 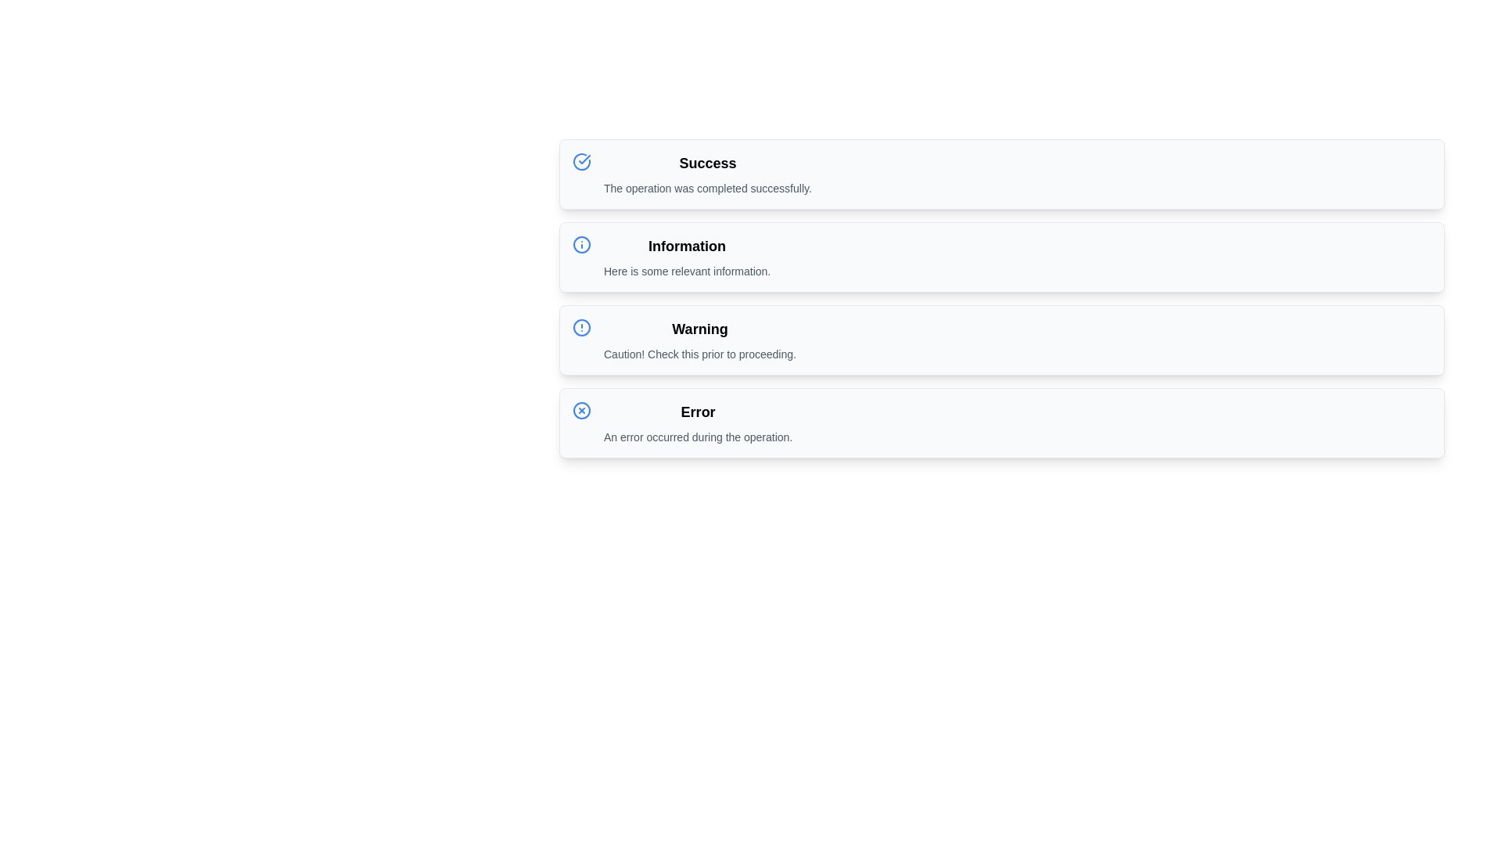 I want to click on the warning icon located within the 'Warning' alert box, to the left of the text 'Warning', to initiate possible interactions, so click(x=581, y=327).